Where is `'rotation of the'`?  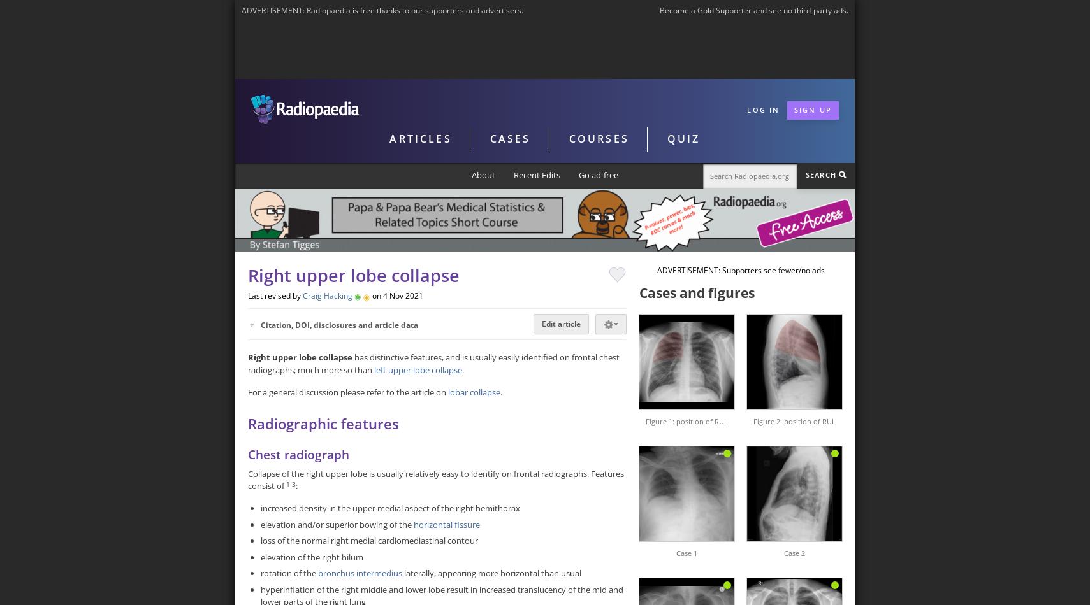
'rotation of the' is located at coordinates (260, 573).